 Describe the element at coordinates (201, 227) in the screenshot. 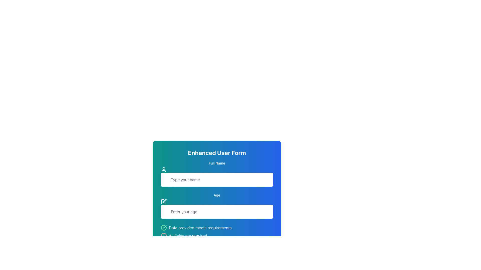

I see `the confirmation message text label located below the 'Full Name' and 'Age' input fields, next to a green checkmark icon` at that location.